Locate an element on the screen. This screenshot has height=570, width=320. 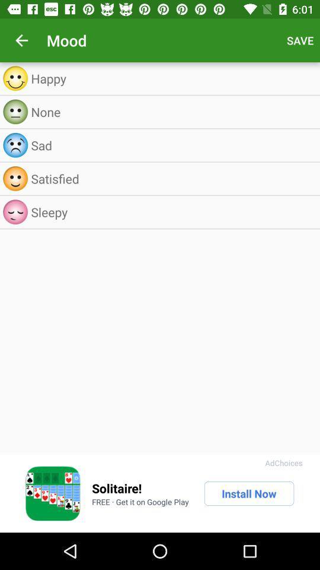
the install now is located at coordinates (248, 493).